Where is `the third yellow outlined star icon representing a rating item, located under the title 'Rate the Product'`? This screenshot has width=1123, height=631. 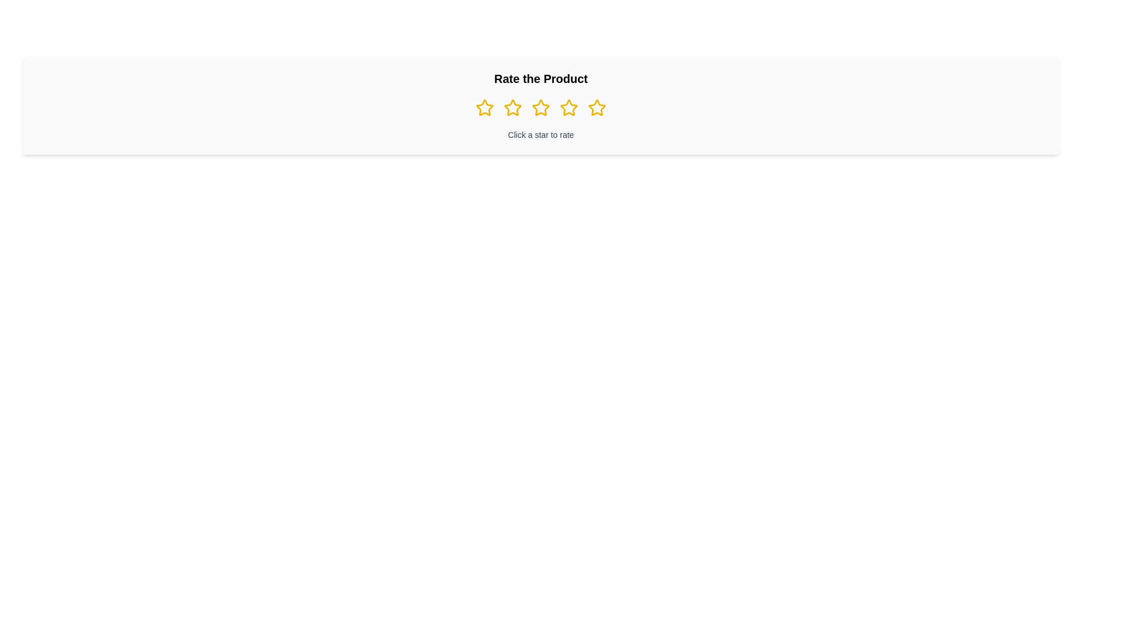 the third yellow outlined star icon representing a rating item, located under the title 'Rate the Product' is located at coordinates (568, 108).